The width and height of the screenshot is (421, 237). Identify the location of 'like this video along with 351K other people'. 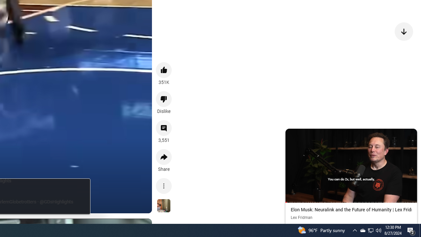
(164, 70).